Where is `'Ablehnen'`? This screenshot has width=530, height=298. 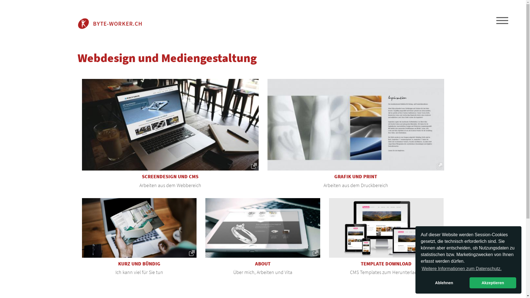
'Ablehnen' is located at coordinates (444, 283).